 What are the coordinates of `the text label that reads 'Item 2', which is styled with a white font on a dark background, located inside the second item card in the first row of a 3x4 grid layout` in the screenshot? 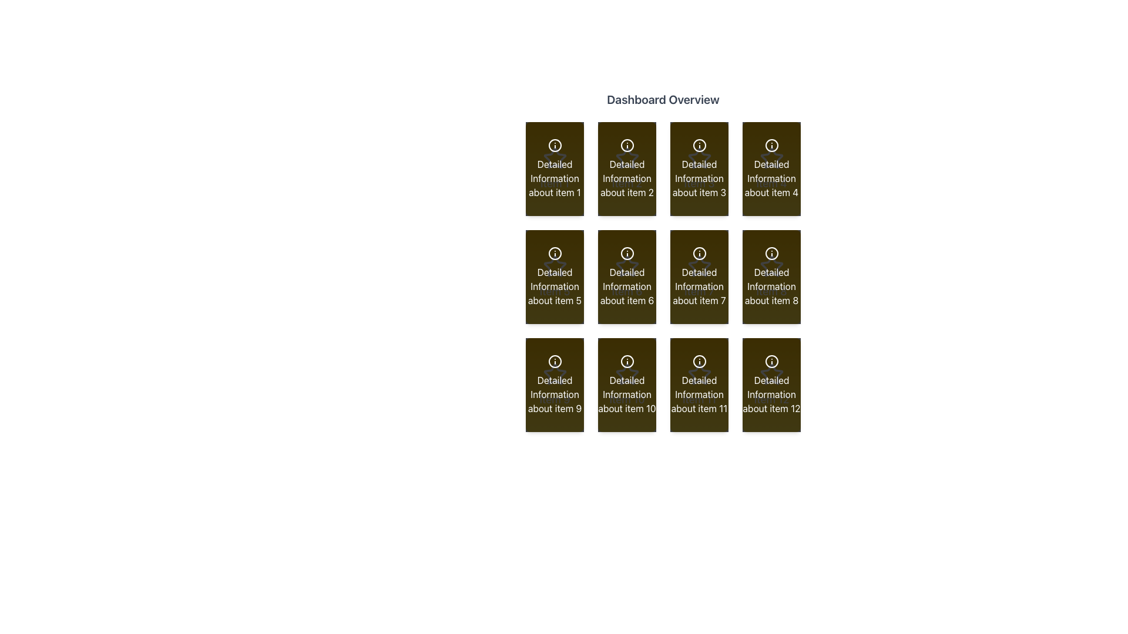 It's located at (626, 183).